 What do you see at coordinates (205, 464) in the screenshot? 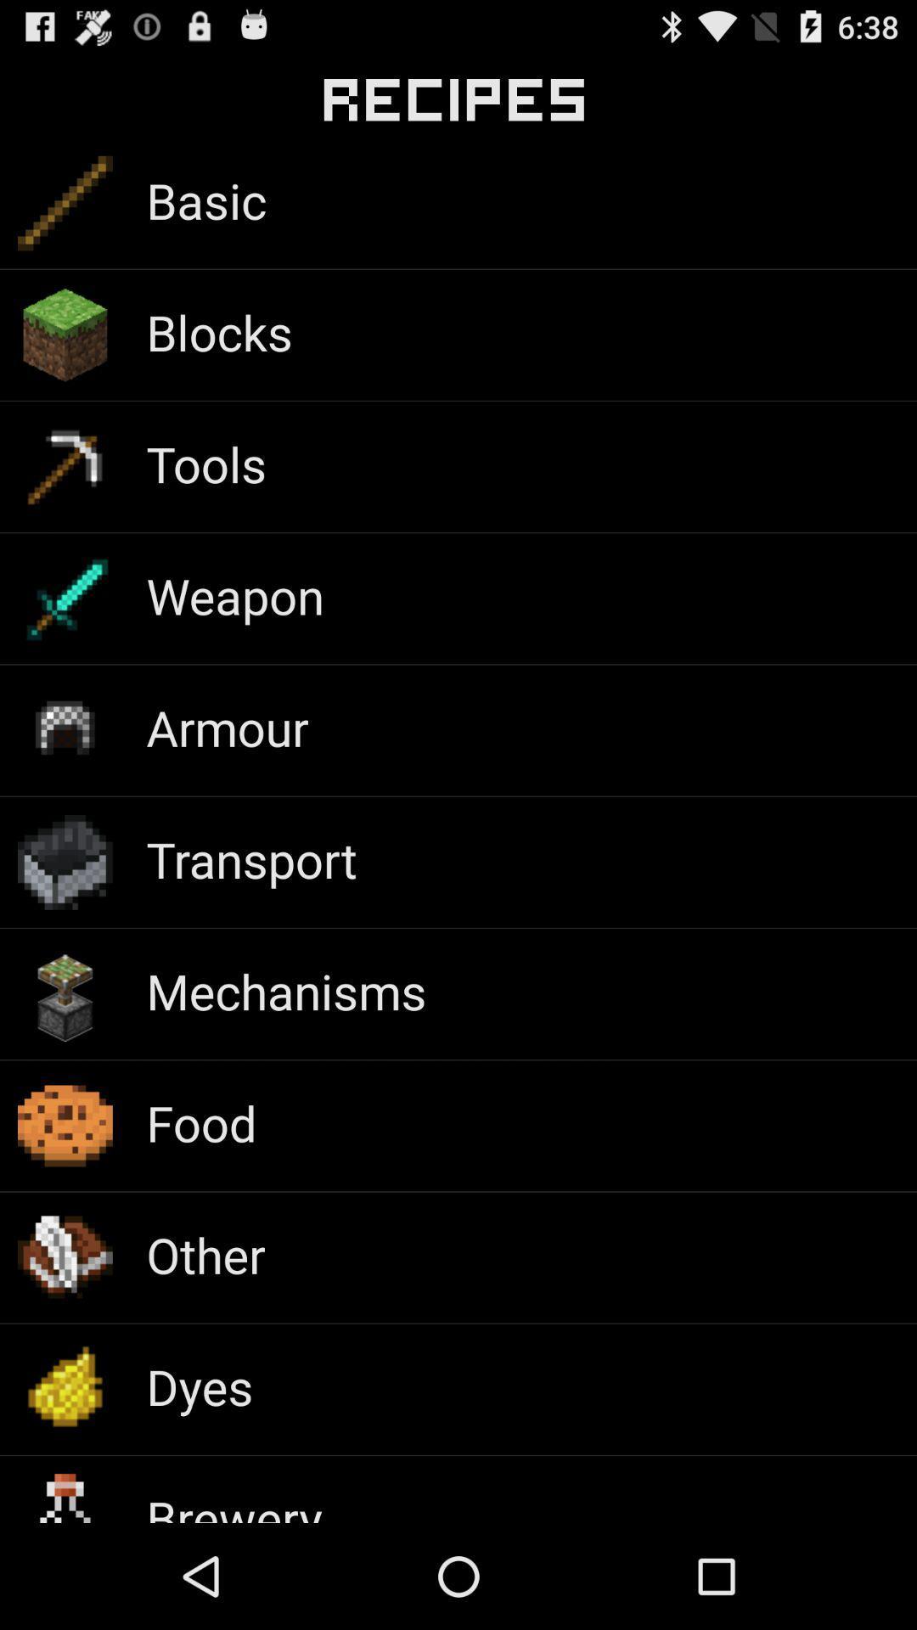
I see `the app below the blocks app` at bounding box center [205, 464].